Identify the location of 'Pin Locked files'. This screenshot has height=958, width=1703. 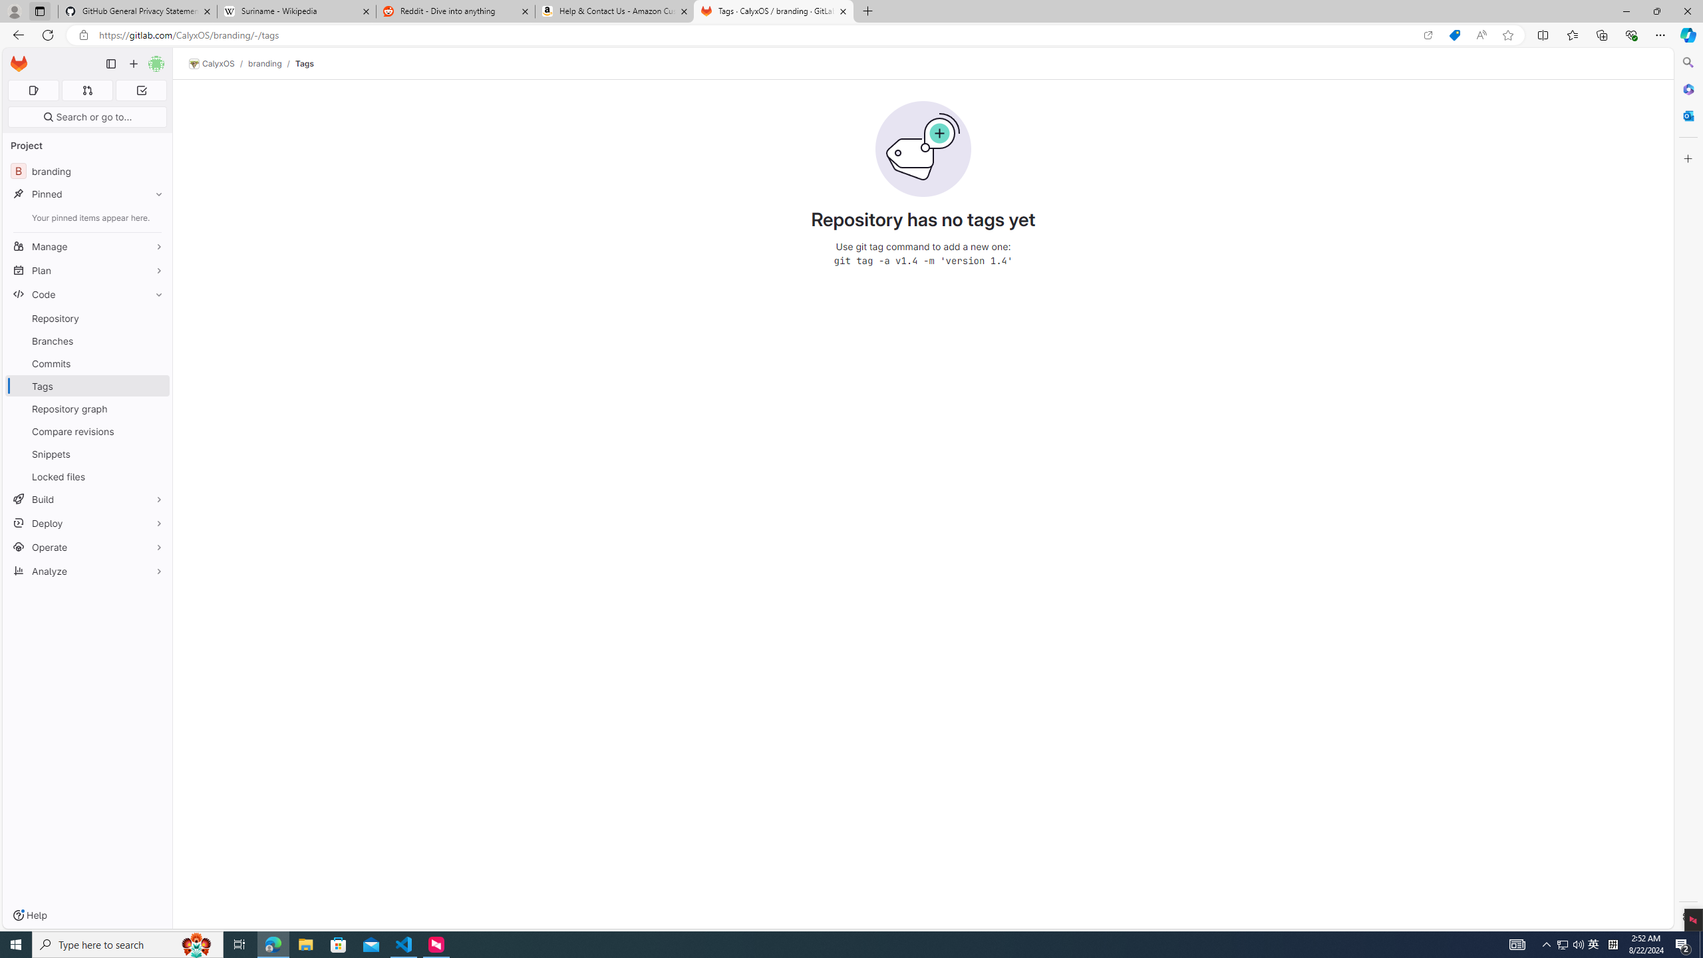
(155, 476).